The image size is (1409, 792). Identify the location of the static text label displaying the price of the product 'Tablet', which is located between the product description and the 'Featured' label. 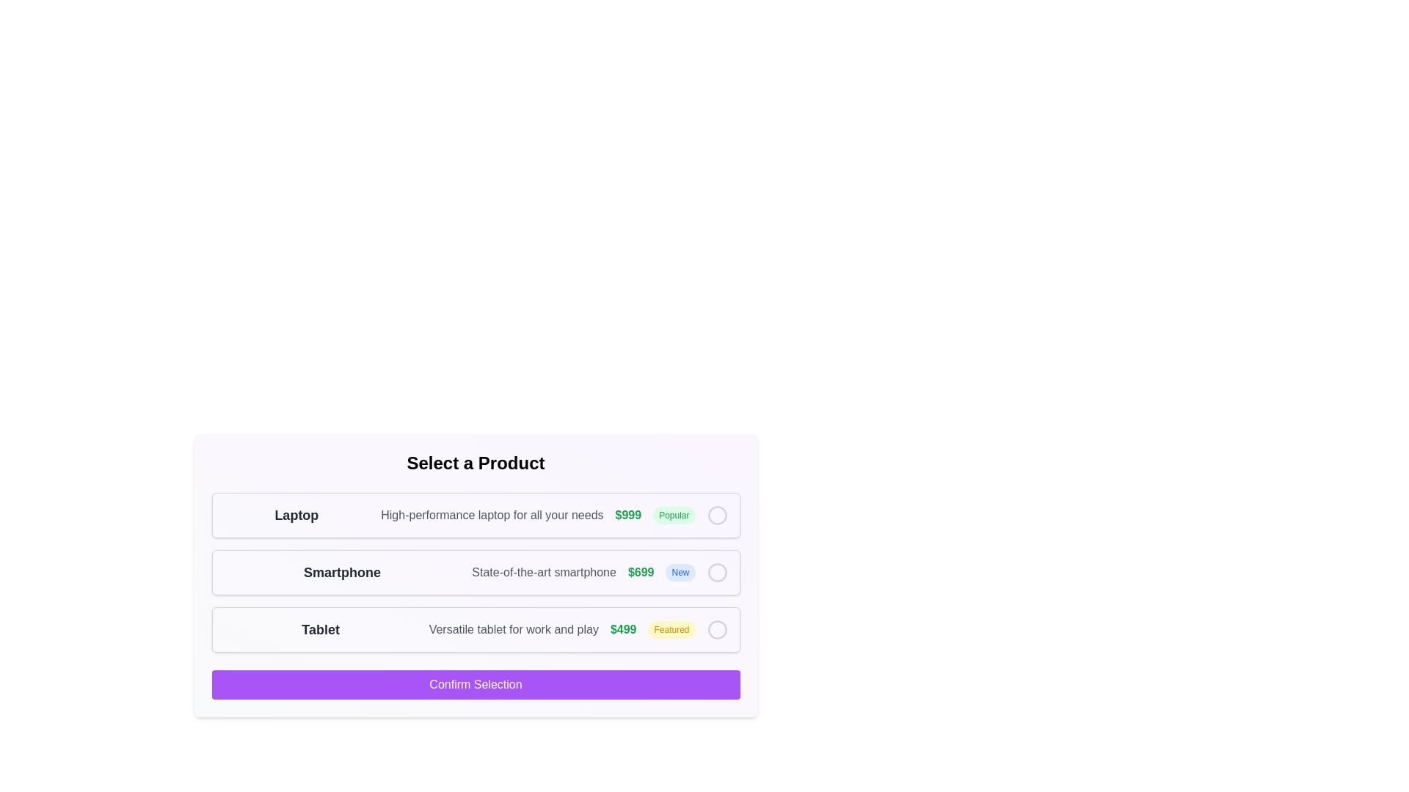
(623, 629).